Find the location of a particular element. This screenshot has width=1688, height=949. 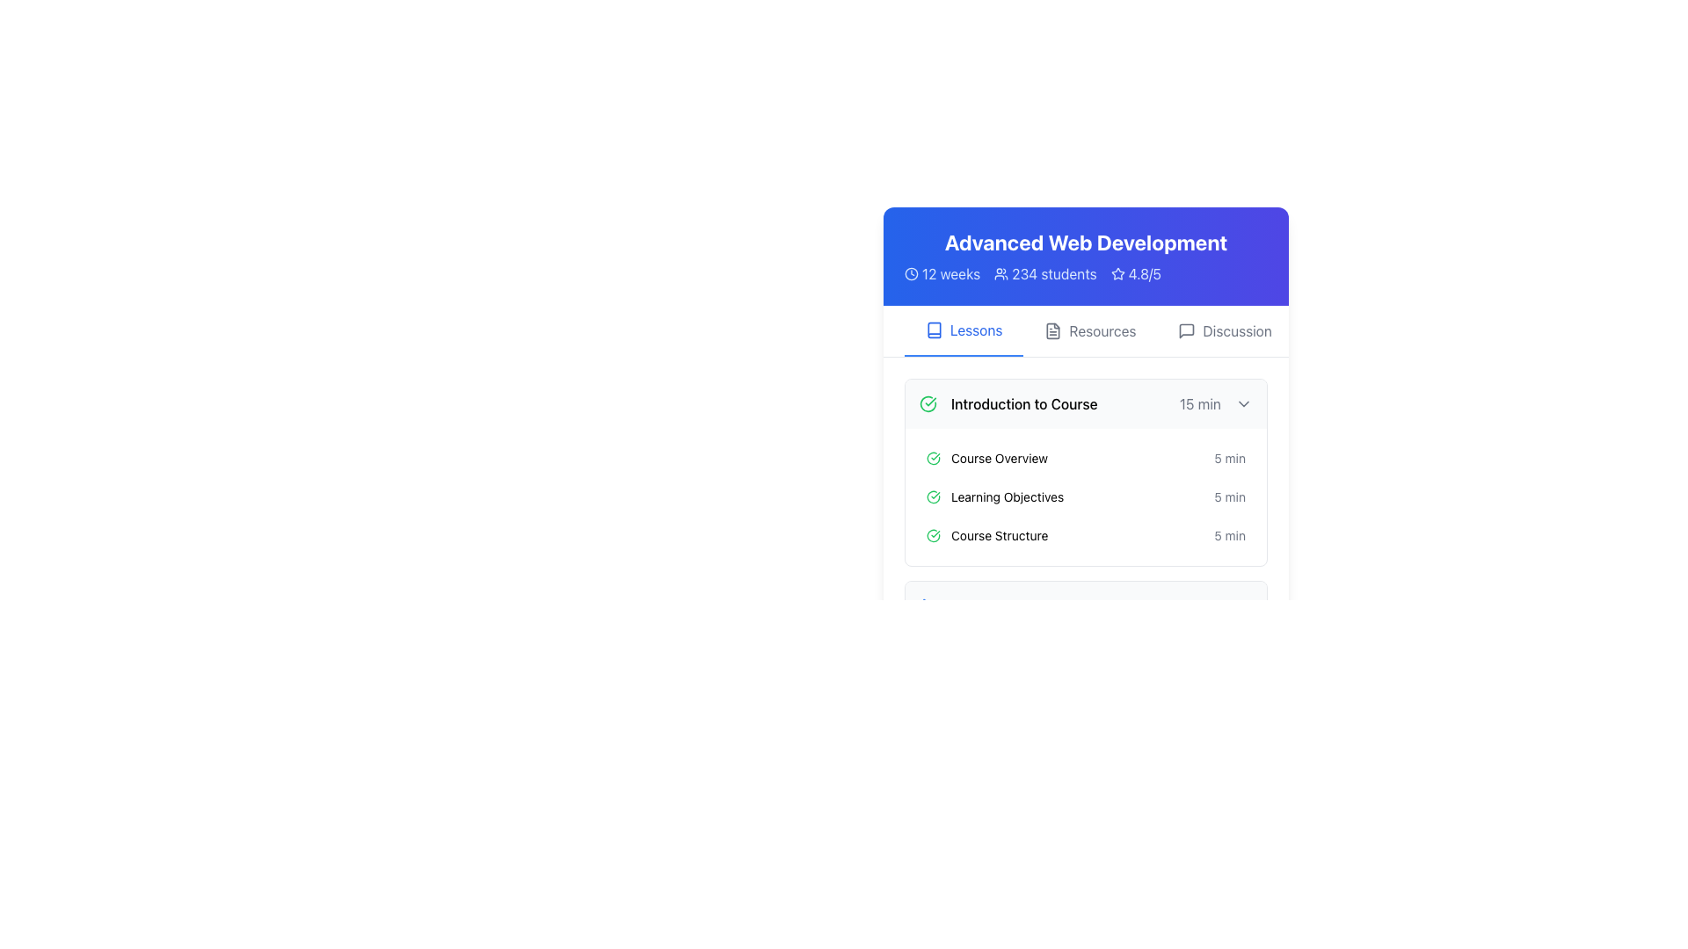

the first list item labeled 'Course Overview' with a green checkmark in the course navigation menu is located at coordinates (1085, 457).